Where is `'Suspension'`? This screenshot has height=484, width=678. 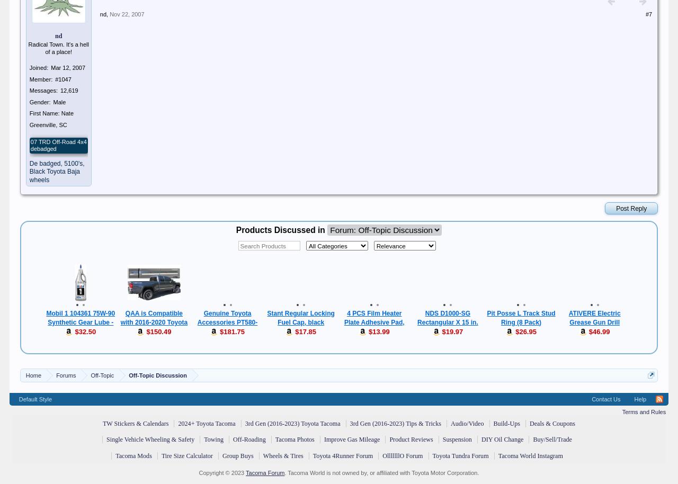
'Suspension' is located at coordinates (457, 440).